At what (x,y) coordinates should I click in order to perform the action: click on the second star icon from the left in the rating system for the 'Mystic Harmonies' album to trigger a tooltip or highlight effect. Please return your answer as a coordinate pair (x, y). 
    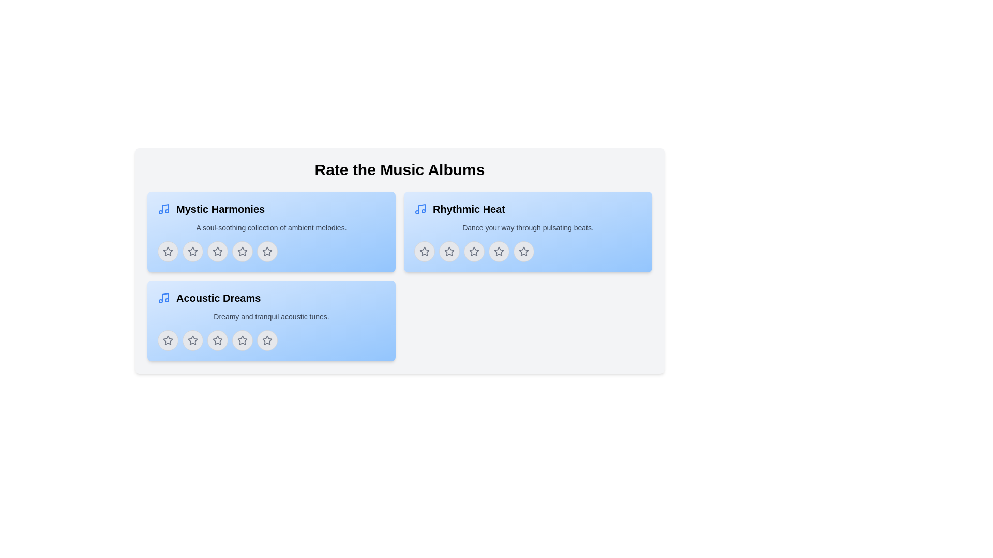
    Looking at the image, I should click on (217, 251).